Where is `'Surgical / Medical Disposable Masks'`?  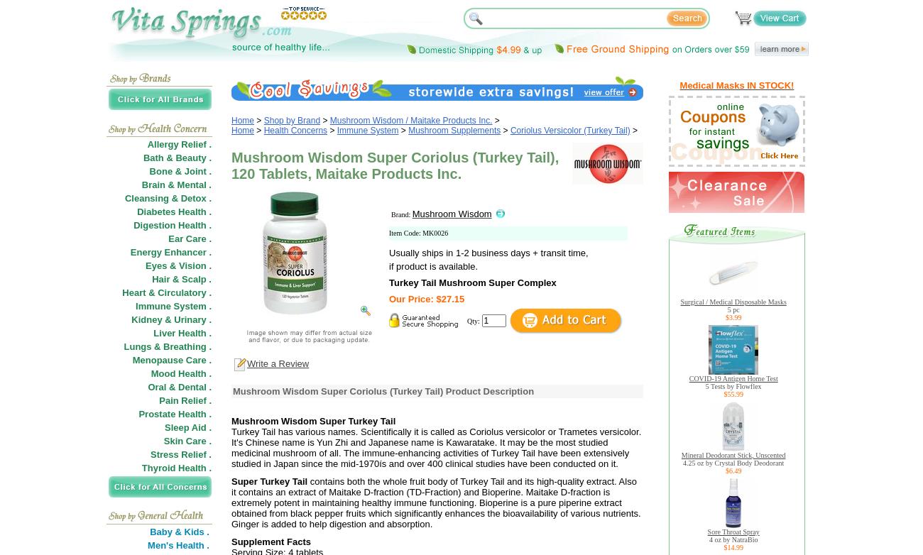 'Surgical / Medical Disposable Masks' is located at coordinates (733, 302).